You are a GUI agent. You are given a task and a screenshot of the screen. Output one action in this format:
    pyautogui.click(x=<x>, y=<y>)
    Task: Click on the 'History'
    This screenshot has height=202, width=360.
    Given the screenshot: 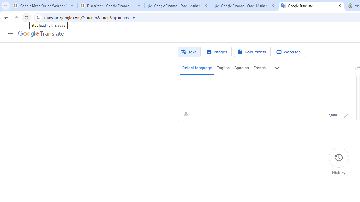 What is the action you would take?
    pyautogui.click(x=338, y=161)
    